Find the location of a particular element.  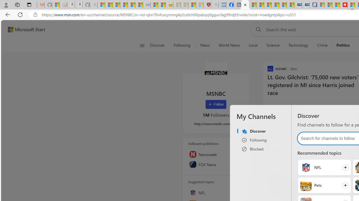

'World News' is located at coordinates (229, 45).